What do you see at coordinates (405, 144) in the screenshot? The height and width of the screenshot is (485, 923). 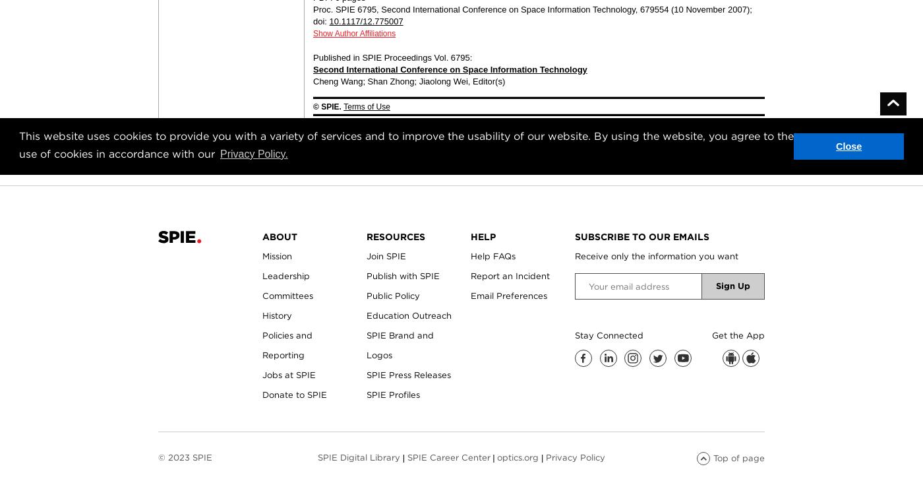 I see `'This website uses cookies to provide you with a variety of services and to improve the usability of our website. By using the website, you agree to the use of cookies in accordance with our'` at bounding box center [405, 144].